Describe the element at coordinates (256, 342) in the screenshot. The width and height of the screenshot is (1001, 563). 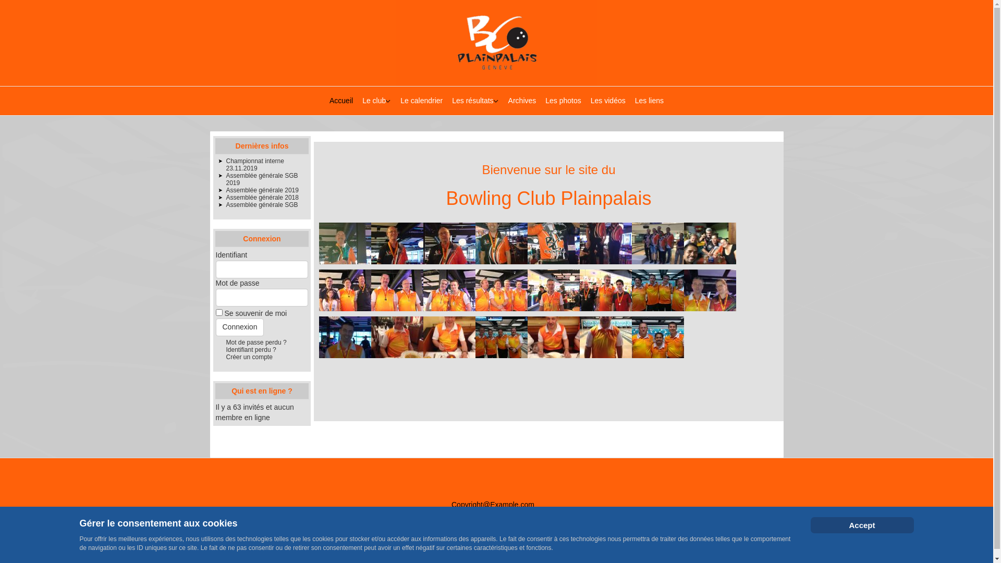
I see `'Mot de passe perdu ?'` at that location.